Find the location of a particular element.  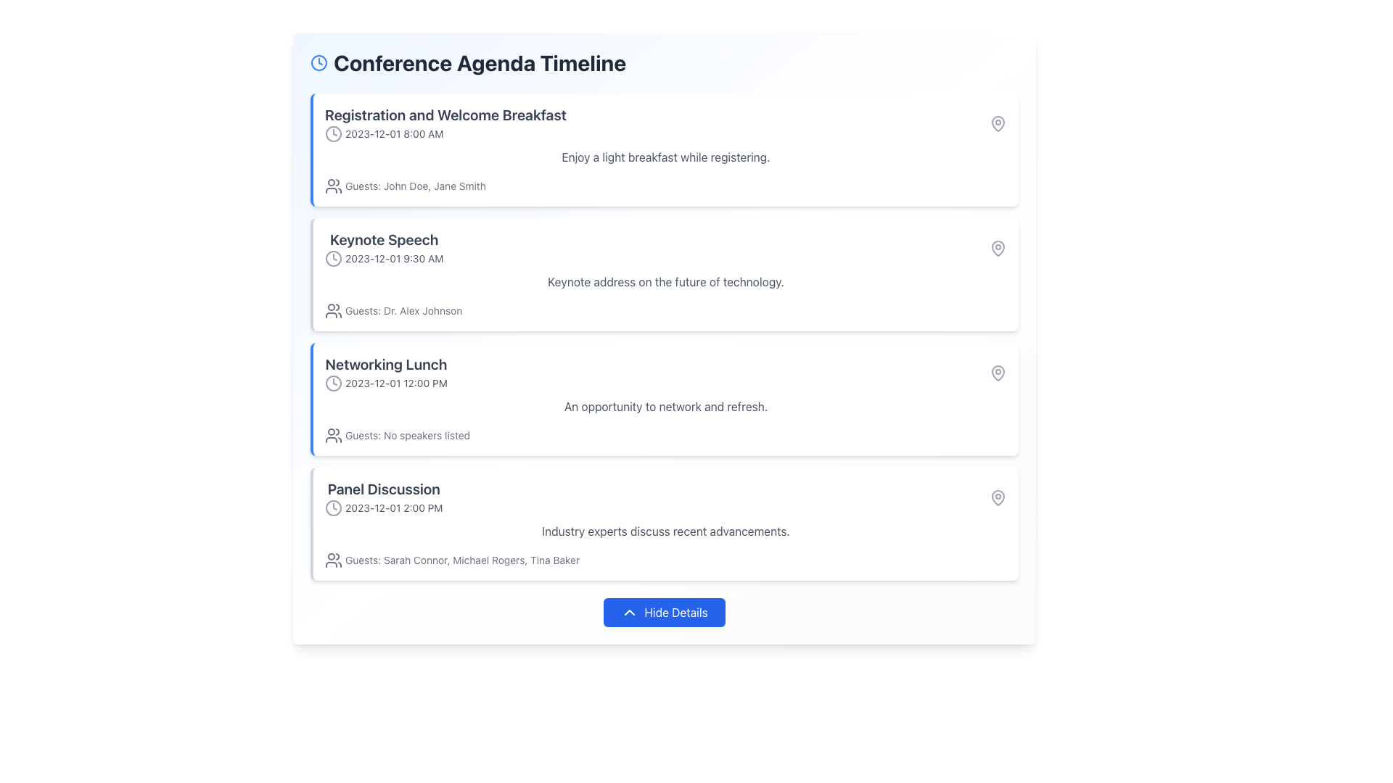

the time indicator icon located within the first card under the heading 'Registration and Welcome Breakfast', positioned to the left of the text '2023-12-01 8:00 AM' is located at coordinates (333, 134).